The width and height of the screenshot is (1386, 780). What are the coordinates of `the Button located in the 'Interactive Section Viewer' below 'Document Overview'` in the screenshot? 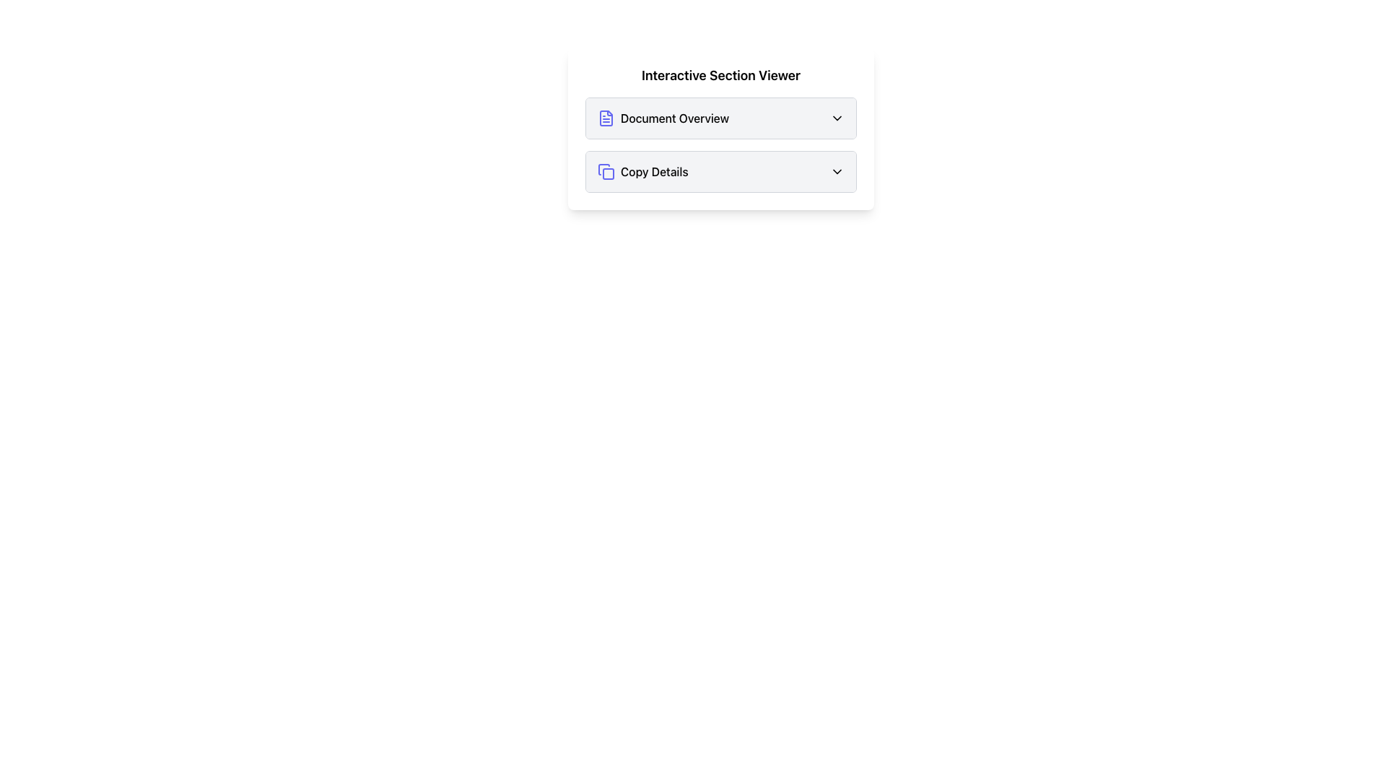 It's located at (720, 171).